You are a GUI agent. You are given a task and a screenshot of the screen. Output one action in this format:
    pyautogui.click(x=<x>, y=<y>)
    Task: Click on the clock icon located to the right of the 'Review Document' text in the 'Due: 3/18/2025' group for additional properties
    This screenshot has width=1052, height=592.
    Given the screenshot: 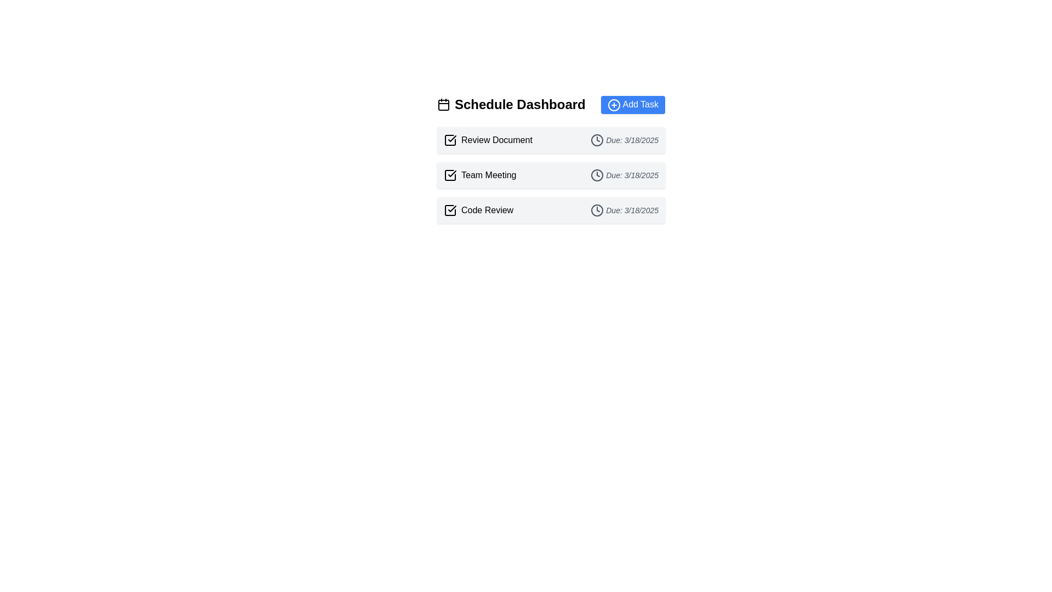 What is the action you would take?
    pyautogui.click(x=597, y=139)
    